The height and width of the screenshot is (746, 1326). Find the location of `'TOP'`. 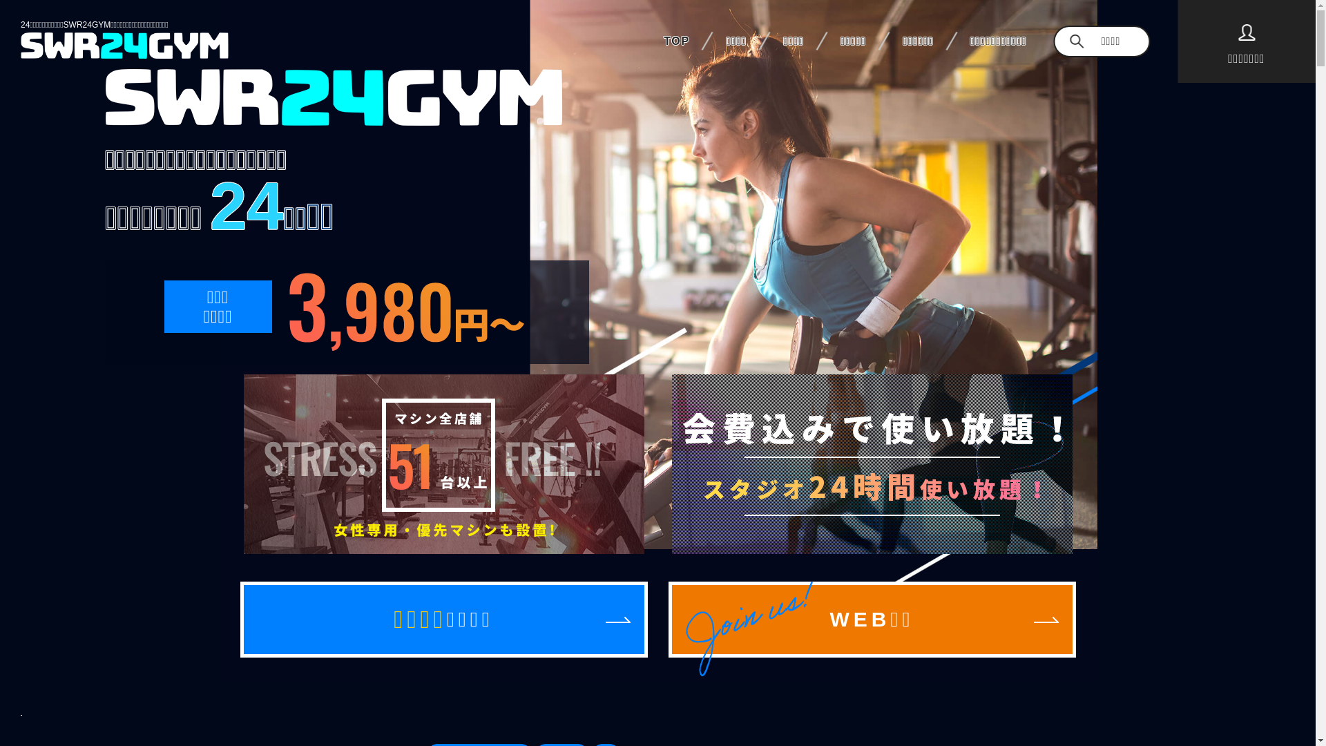

'TOP' is located at coordinates (663, 50).